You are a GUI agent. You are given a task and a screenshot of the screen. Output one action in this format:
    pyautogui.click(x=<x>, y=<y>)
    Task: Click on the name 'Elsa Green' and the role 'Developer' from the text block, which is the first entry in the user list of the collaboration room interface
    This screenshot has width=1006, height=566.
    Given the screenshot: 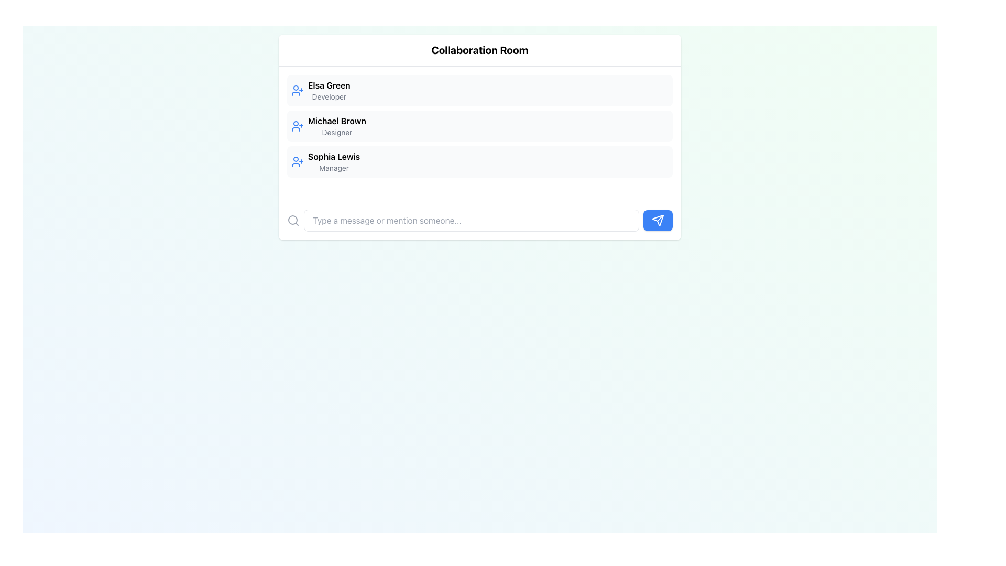 What is the action you would take?
    pyautogui.click(x=329, y=90)
    